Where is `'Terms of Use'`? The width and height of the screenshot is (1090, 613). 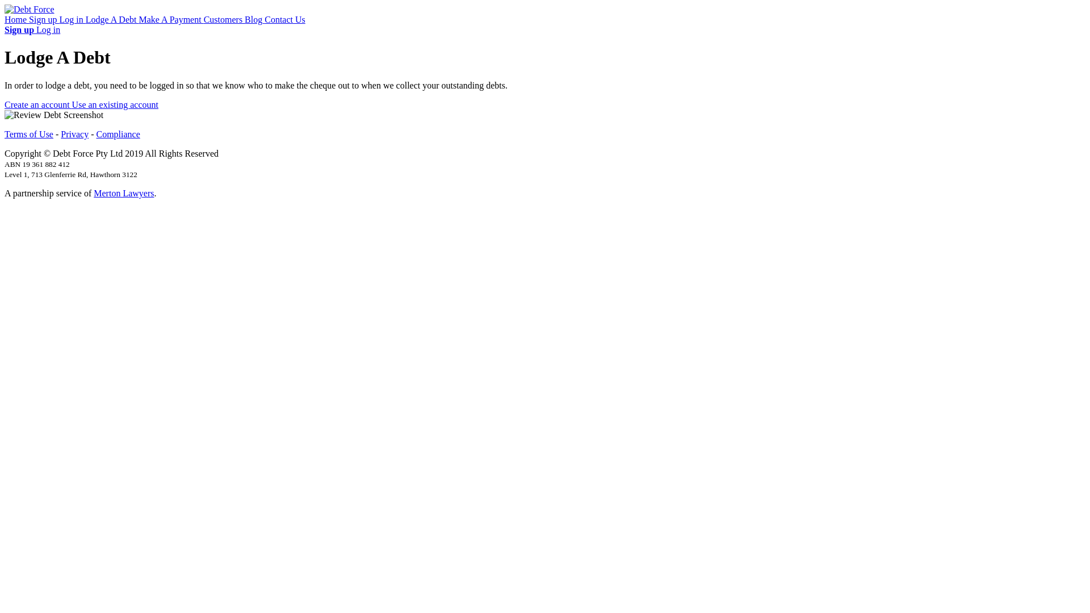 'Terms of Use' is located at coordinates (29, 133).